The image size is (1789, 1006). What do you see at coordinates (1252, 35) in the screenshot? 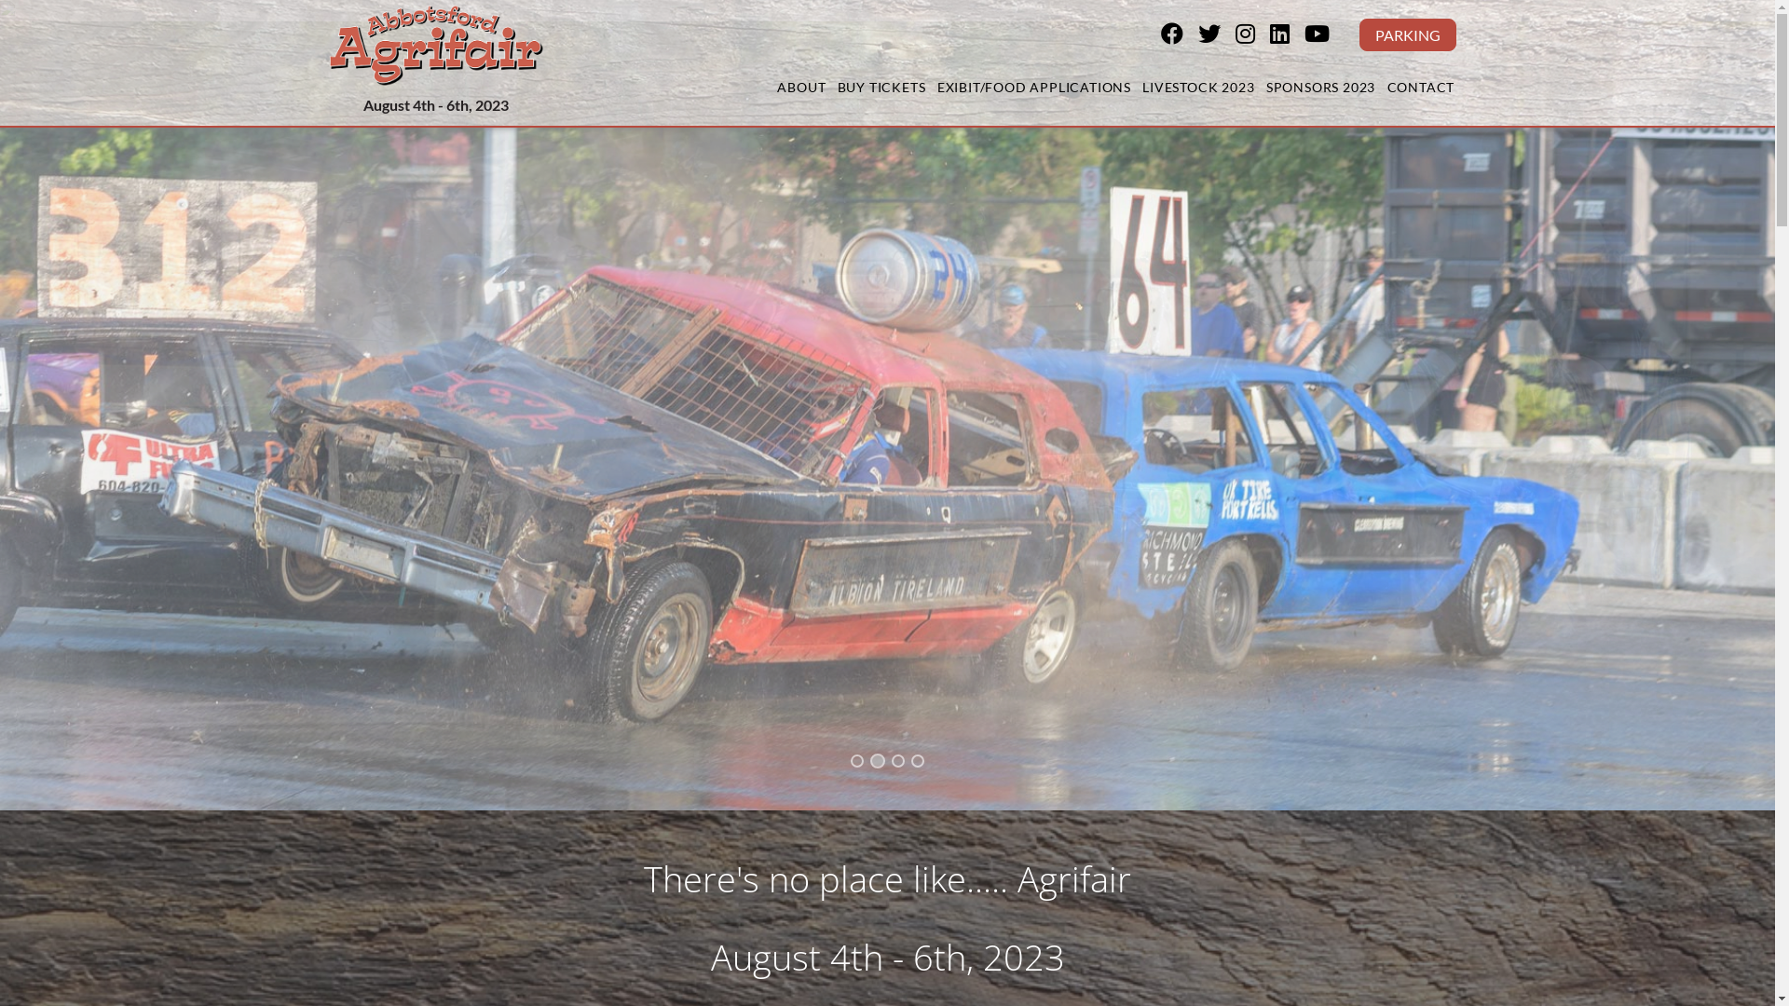
I see `'Abbotsford Agrifair @ Instagram'` at bounding box center [1252, 35].